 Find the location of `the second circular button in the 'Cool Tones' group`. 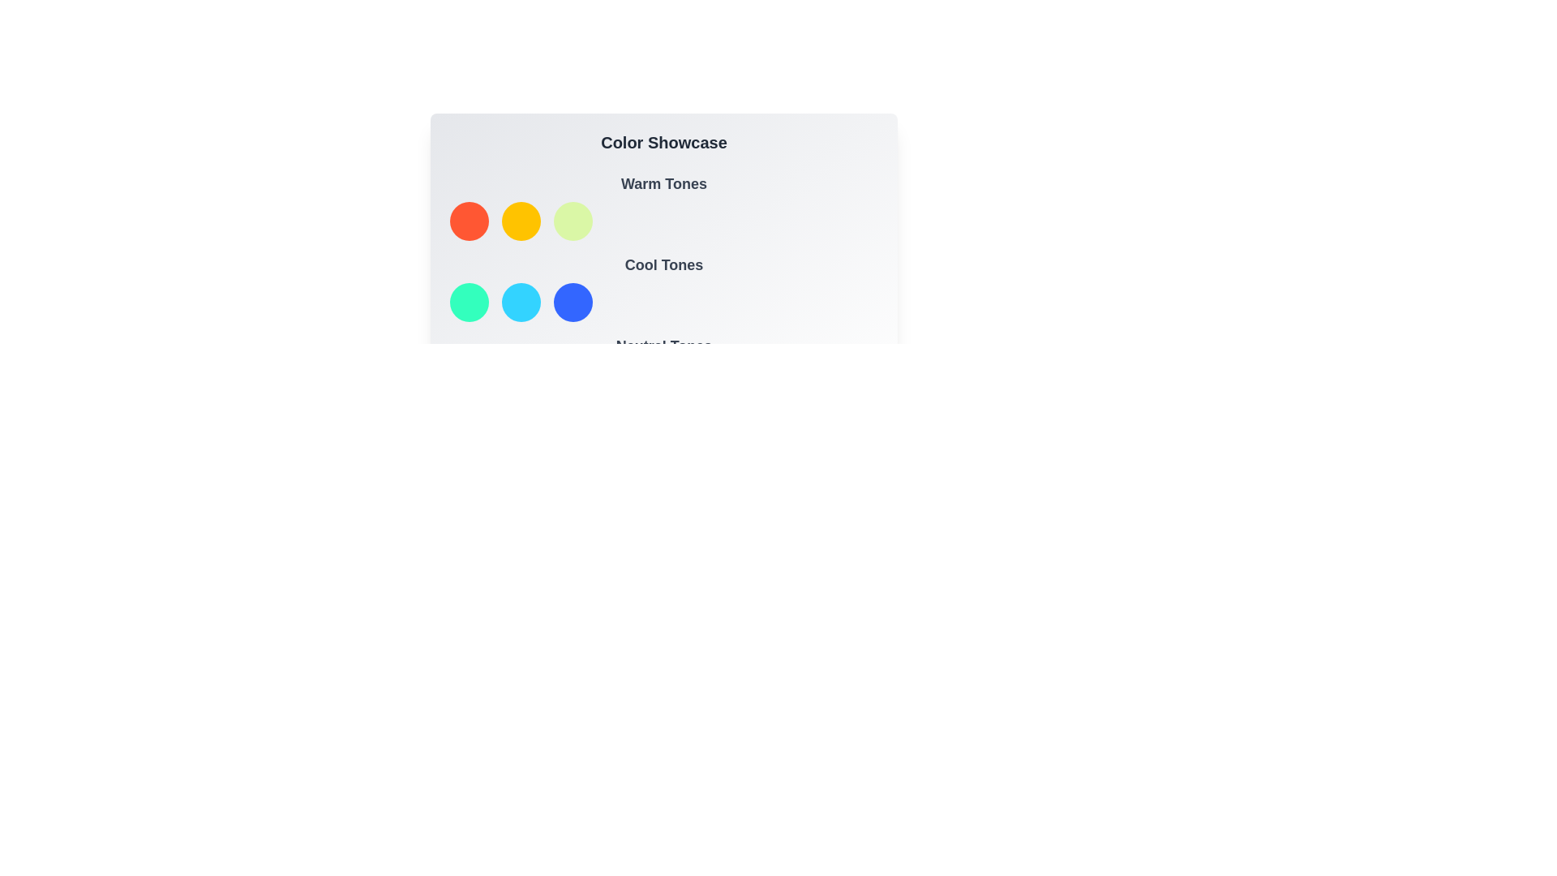

the second circular button in the 'Cool Tones' group is located at coordinates (521, 303).